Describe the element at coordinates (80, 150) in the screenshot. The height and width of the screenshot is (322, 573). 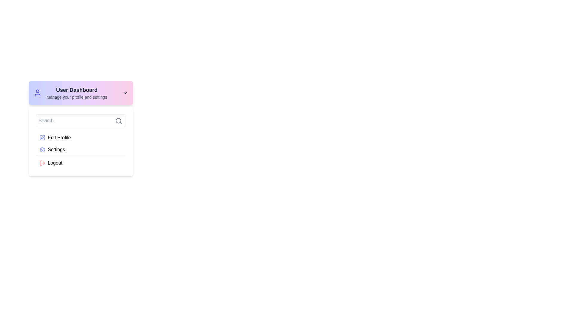
I see `the settings button located directly below the 'Edit Profile' item and above the 'Logout' item in the menu` at that location.